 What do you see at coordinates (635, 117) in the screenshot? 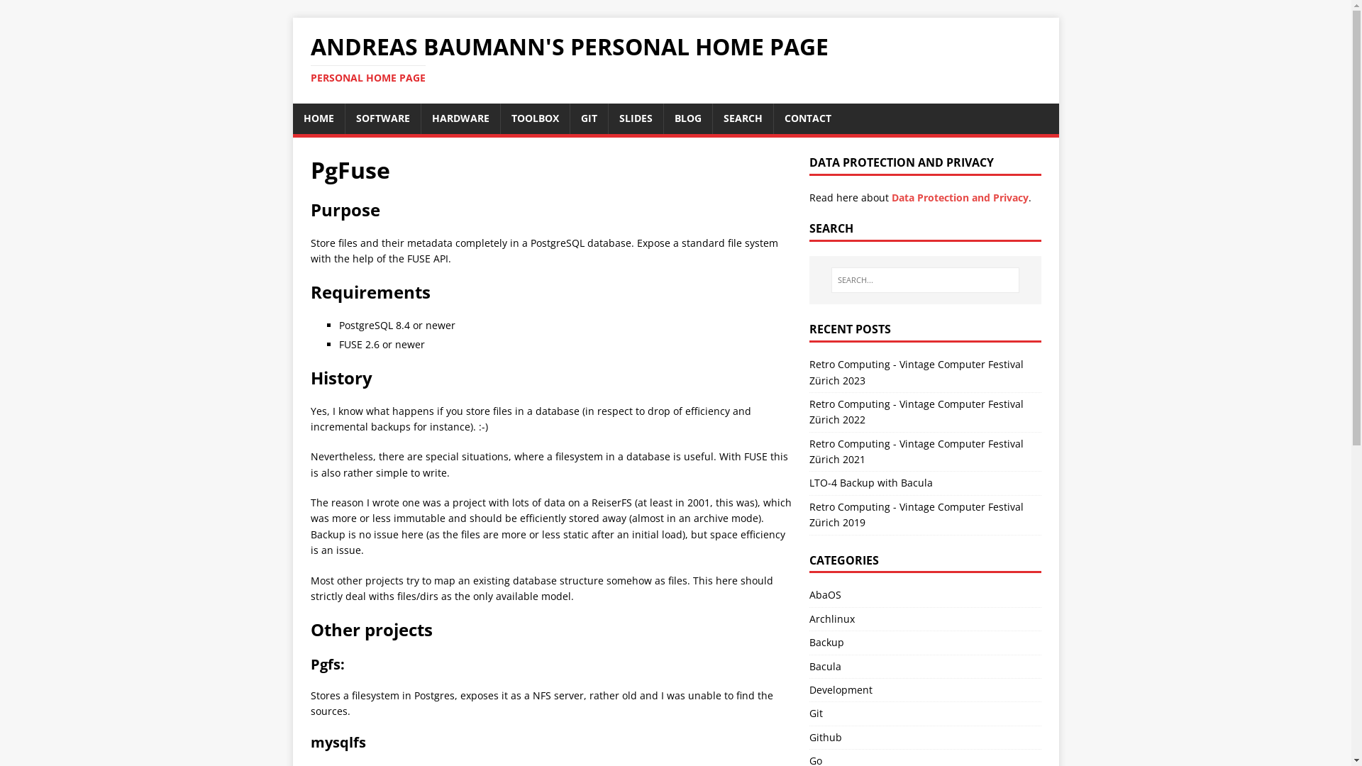
I see `'SLIDES'` at bounding box center [635, 117].